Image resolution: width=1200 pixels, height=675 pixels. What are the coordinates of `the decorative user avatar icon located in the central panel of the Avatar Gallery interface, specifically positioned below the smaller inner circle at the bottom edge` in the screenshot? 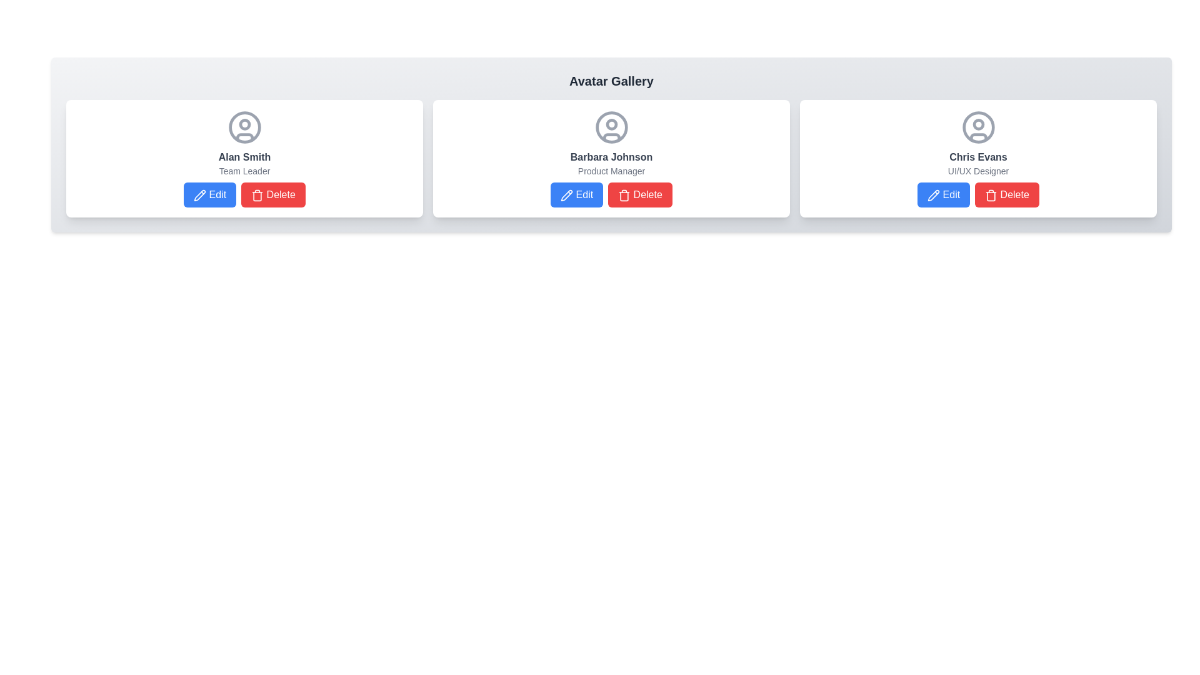 It's located at (611, 137).